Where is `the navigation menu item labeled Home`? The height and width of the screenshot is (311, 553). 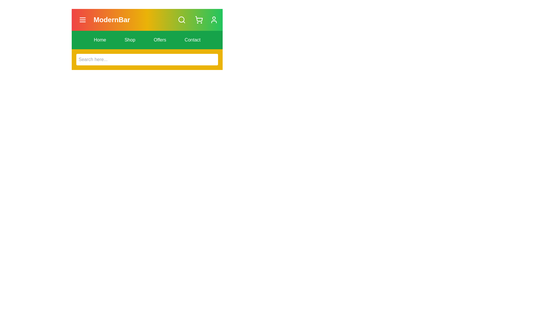
the navigation menu item labeled Home is located at coordinates (100, 39).